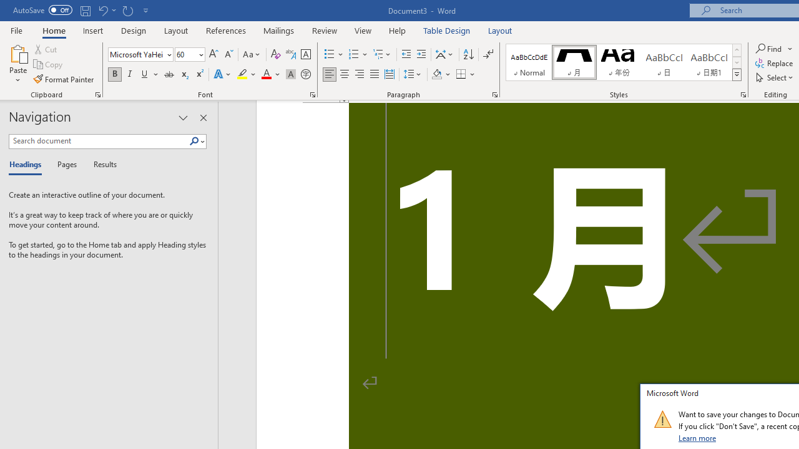  Describe the element at coordinates (106, 10) in the screenshot. I see `'Undo Increase Indent'` at that location.